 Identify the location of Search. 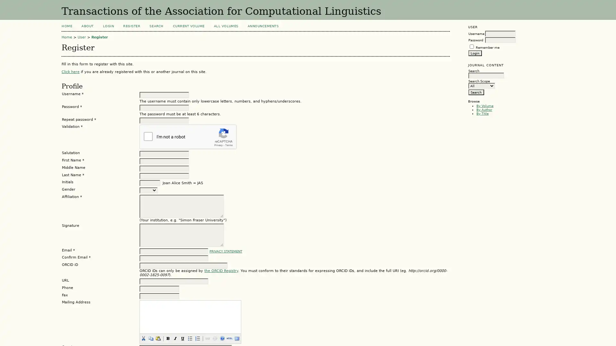
(476, 92).